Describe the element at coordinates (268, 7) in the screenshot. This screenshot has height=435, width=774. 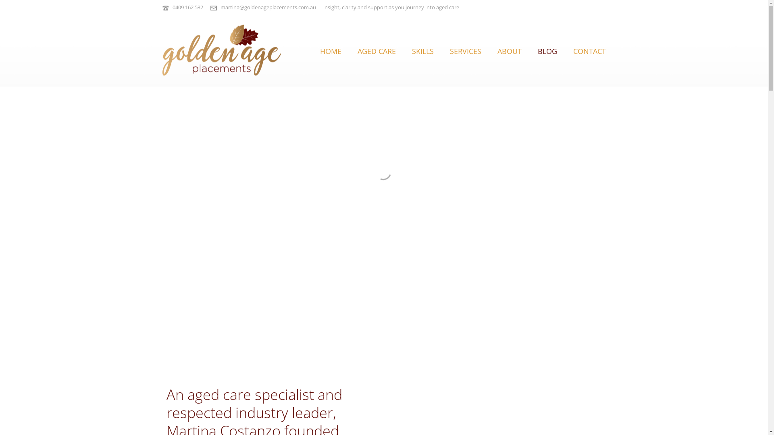
I see `'martina@goldenageplacements.com.au'` at that location.